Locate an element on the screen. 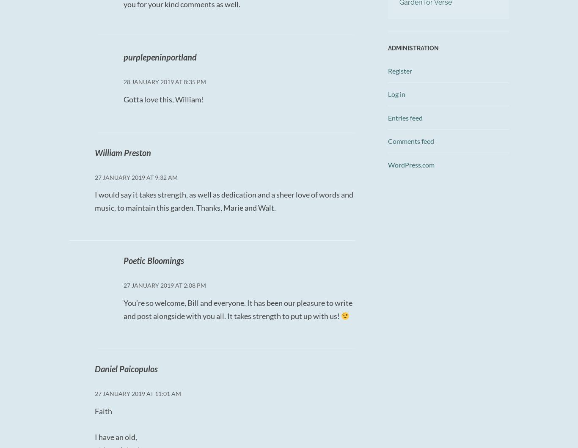 The height and width of the screenshot is (448, 578). 'Administration' is located at coordinates (413, 47).